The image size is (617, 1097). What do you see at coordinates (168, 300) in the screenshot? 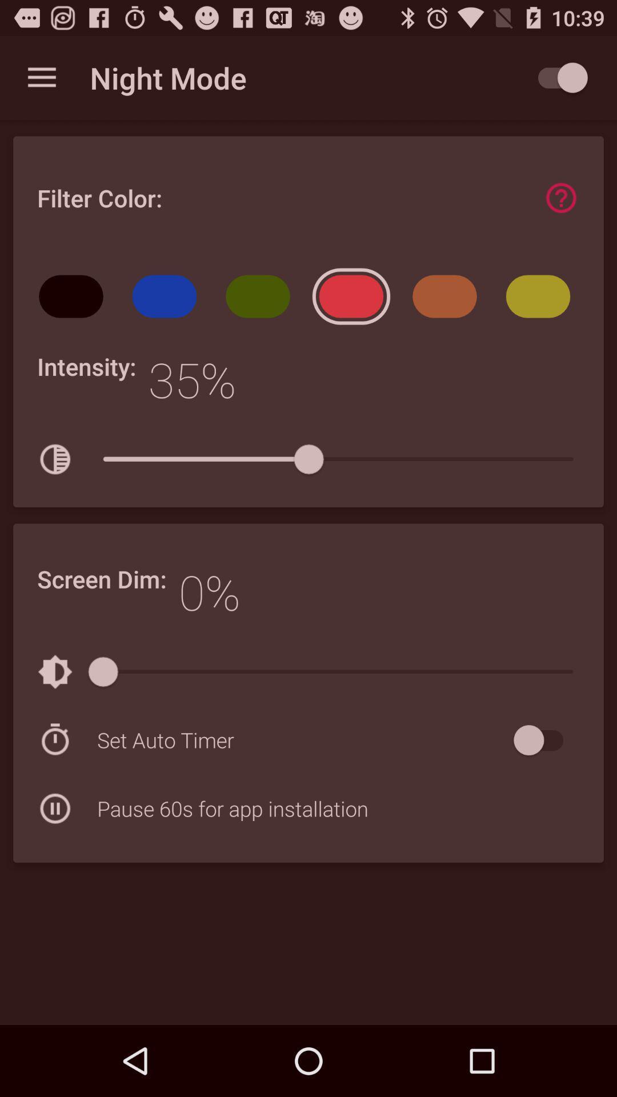
I see `the icon below filter color: item` at bounding box center [168, 300].